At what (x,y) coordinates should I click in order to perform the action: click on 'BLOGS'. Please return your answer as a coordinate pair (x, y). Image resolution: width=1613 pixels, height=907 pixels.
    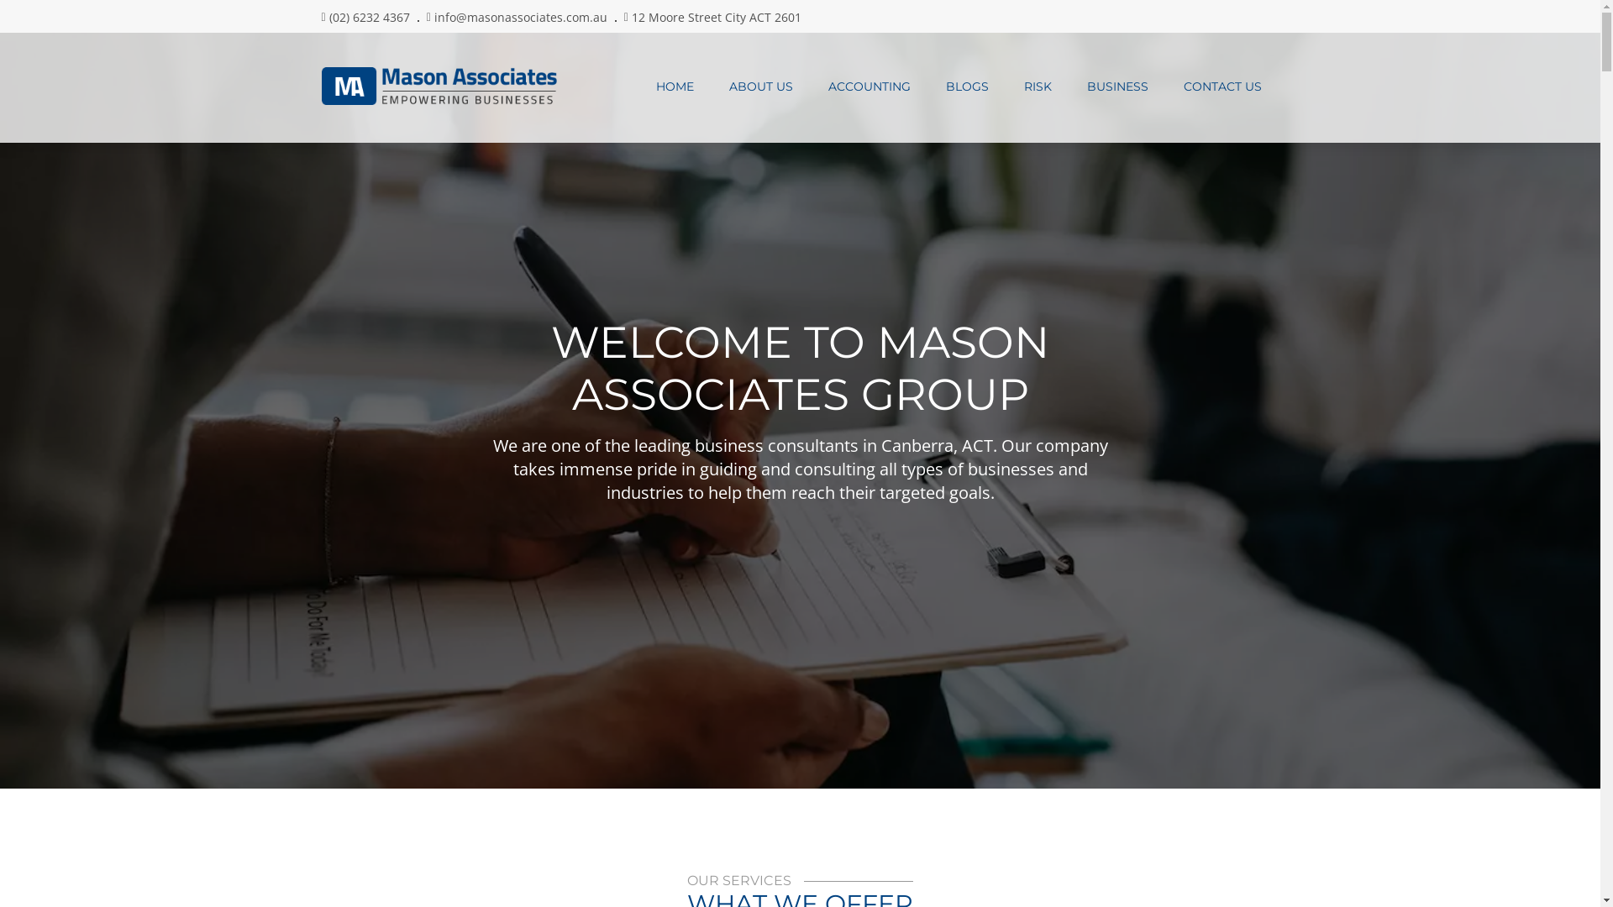
    Looking at the image, I should click on (966, 87).